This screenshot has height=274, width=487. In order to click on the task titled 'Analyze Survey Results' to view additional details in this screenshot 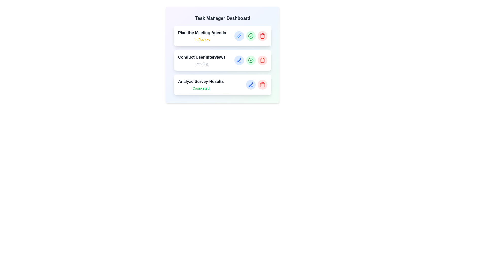, I will do `click(223, 84)`.